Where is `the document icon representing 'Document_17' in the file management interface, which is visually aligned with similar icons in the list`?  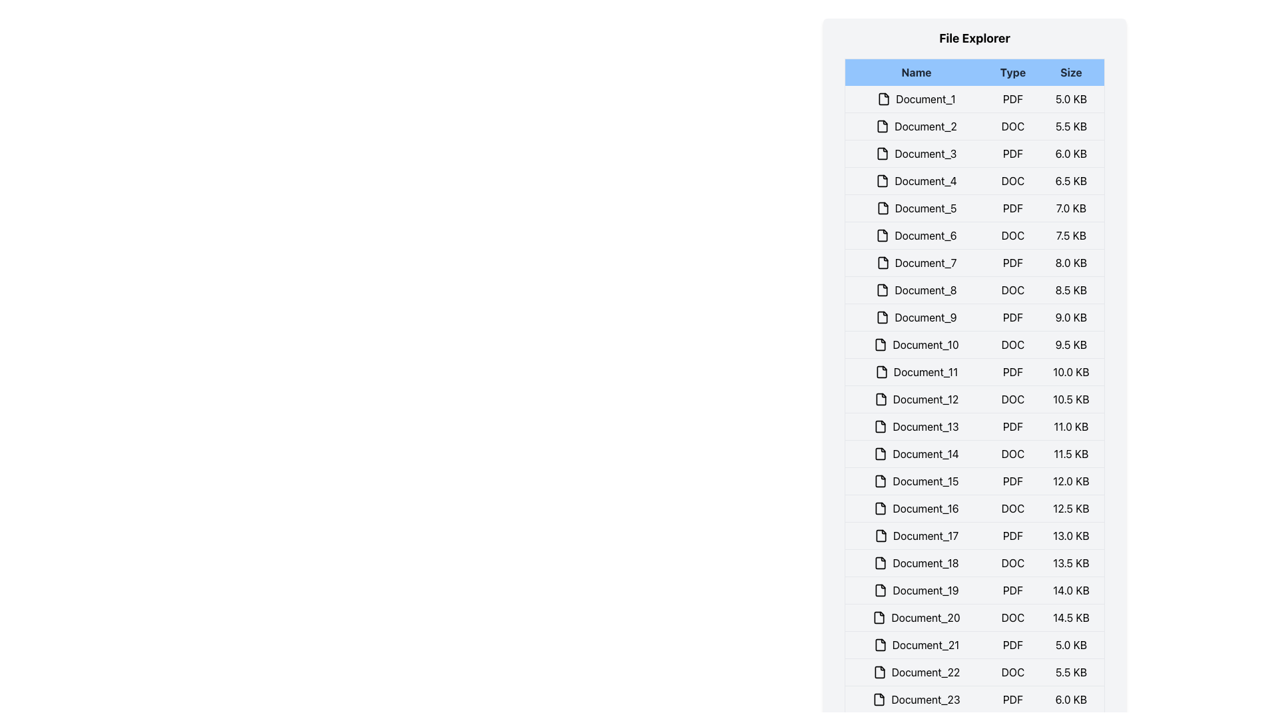 the document icon representing 'Document_17' in the file management interface, which is visually aligned with similar icons in the list is located at coordinates (881, 535).